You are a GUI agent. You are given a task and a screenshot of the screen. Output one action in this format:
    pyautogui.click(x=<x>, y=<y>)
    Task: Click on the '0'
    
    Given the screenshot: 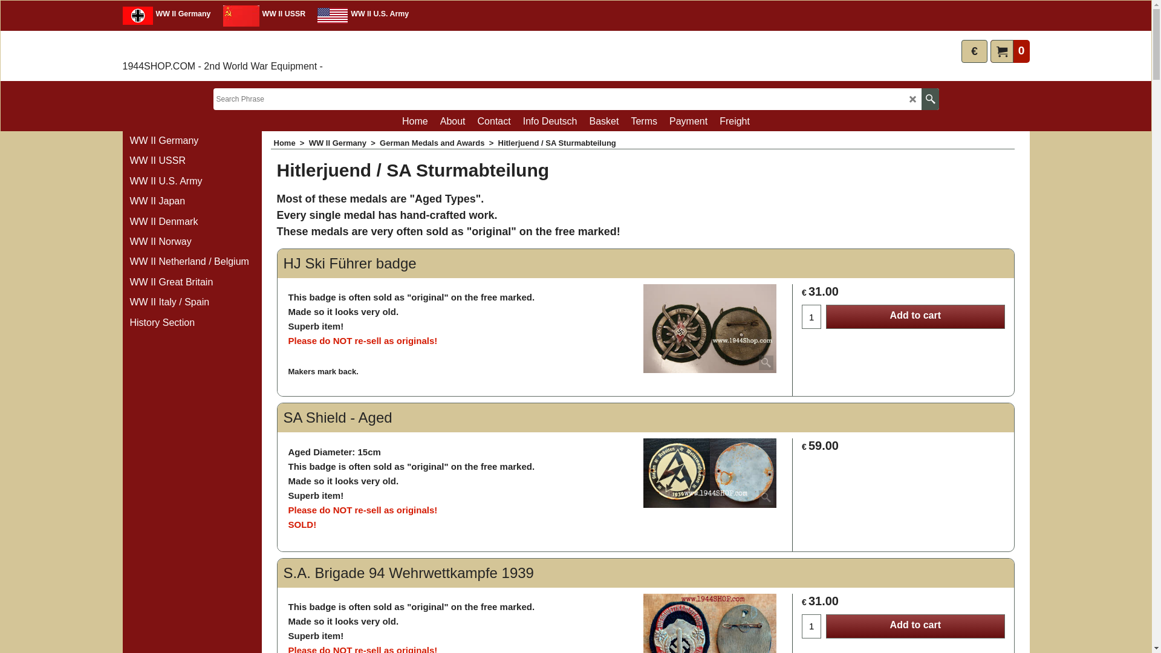 What is the action you would take?
    pyautogui.click(x=1010, y=50)
    